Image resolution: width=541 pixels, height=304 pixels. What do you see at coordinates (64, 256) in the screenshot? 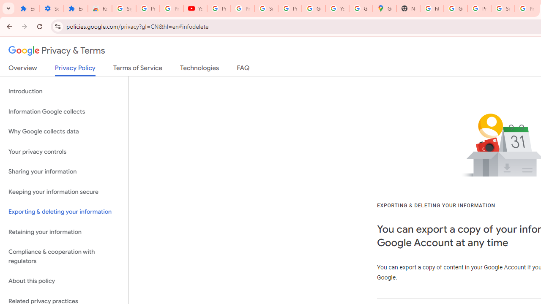
I see `'Compliance & cooperation with regulators'` at bounding box center [64, 256].